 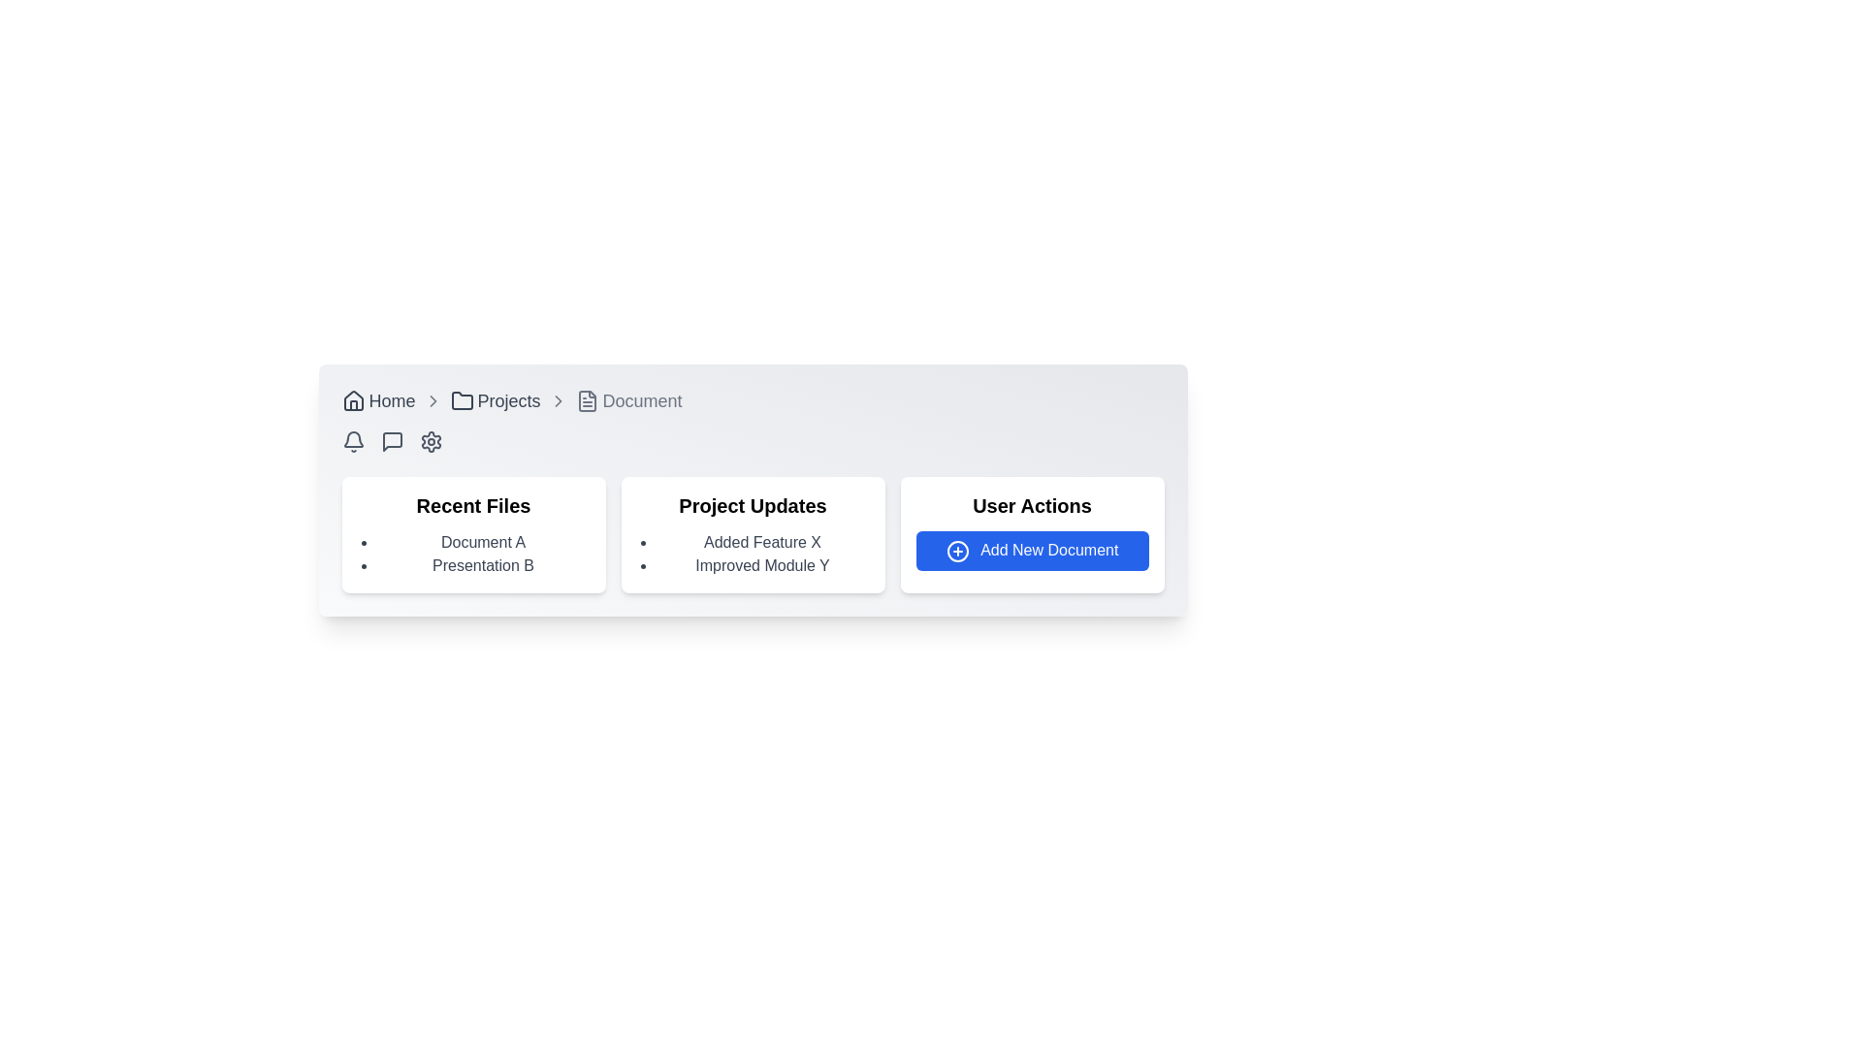 I want to click on the unordered list containing project updates located in the center card labeled 'Project Updates', positioned below the title text, so click(x=752, y=554).